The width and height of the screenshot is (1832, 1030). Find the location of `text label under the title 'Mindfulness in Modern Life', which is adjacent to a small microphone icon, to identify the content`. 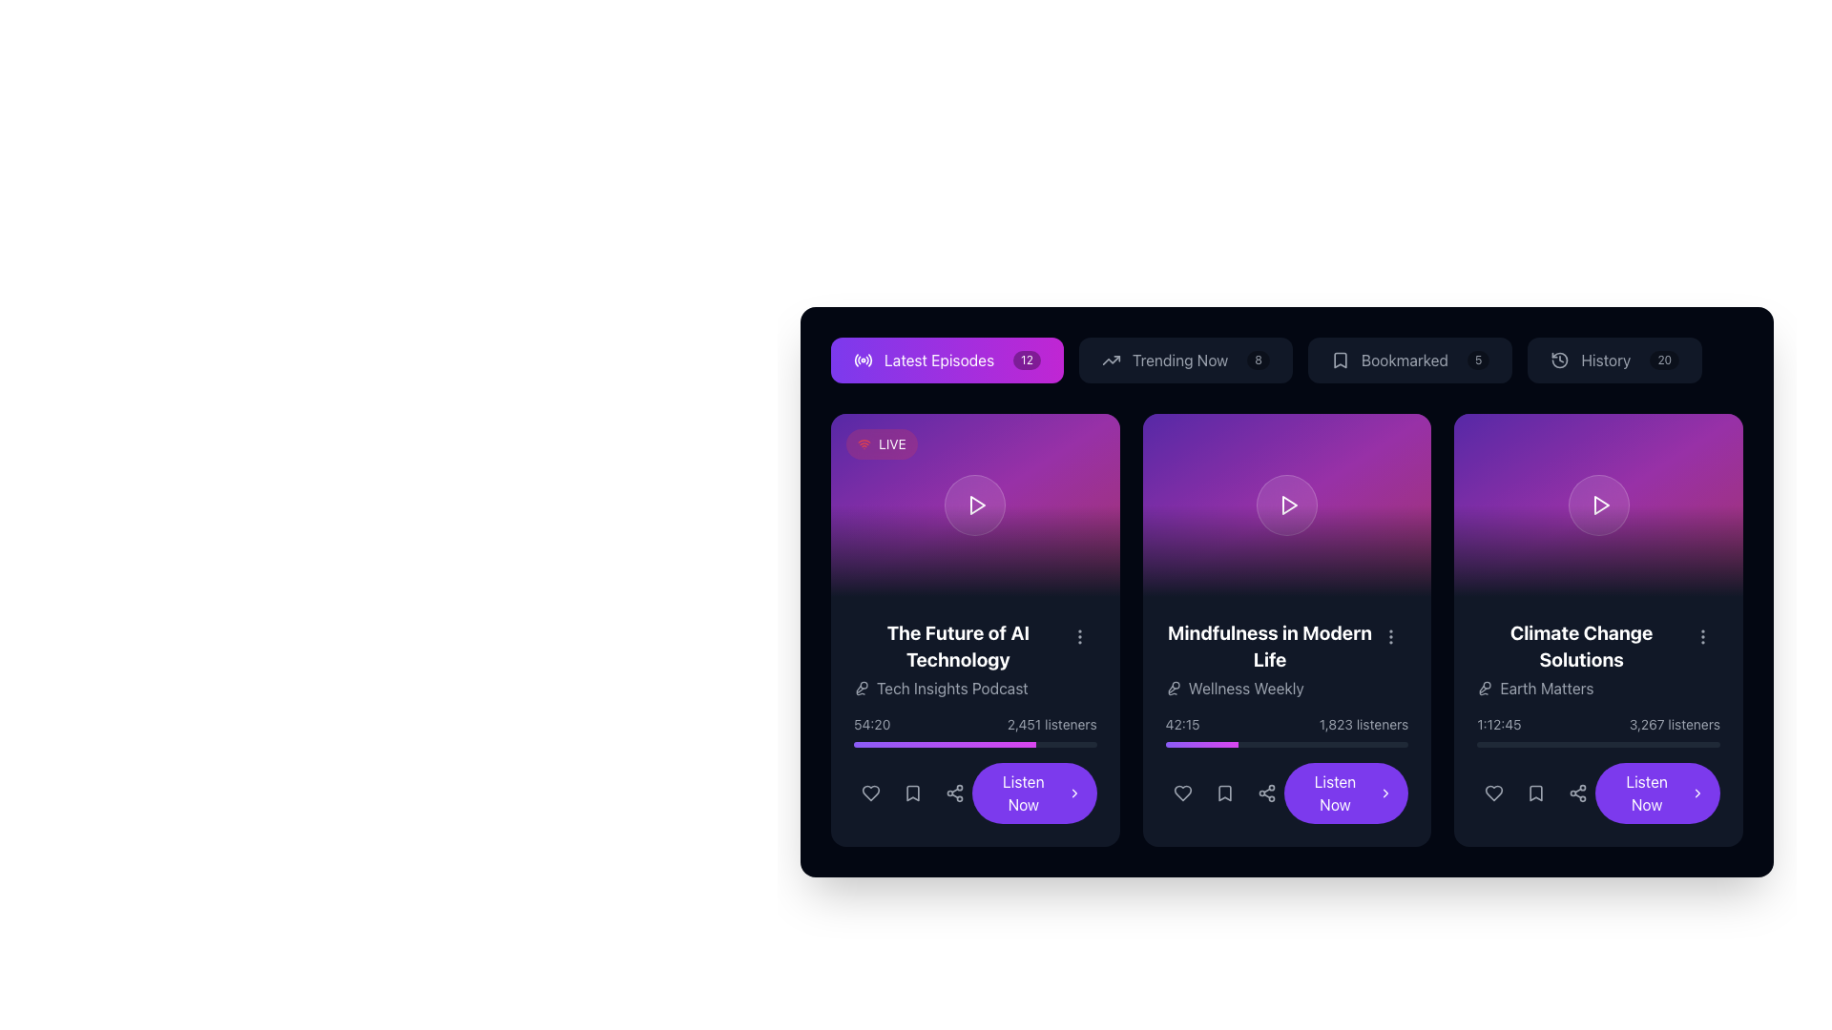

text label under the title 'Mindfulness in Modern Life', which is adjacent to a small microphone icon, to identify the content is located at coordinates (1269, 688).